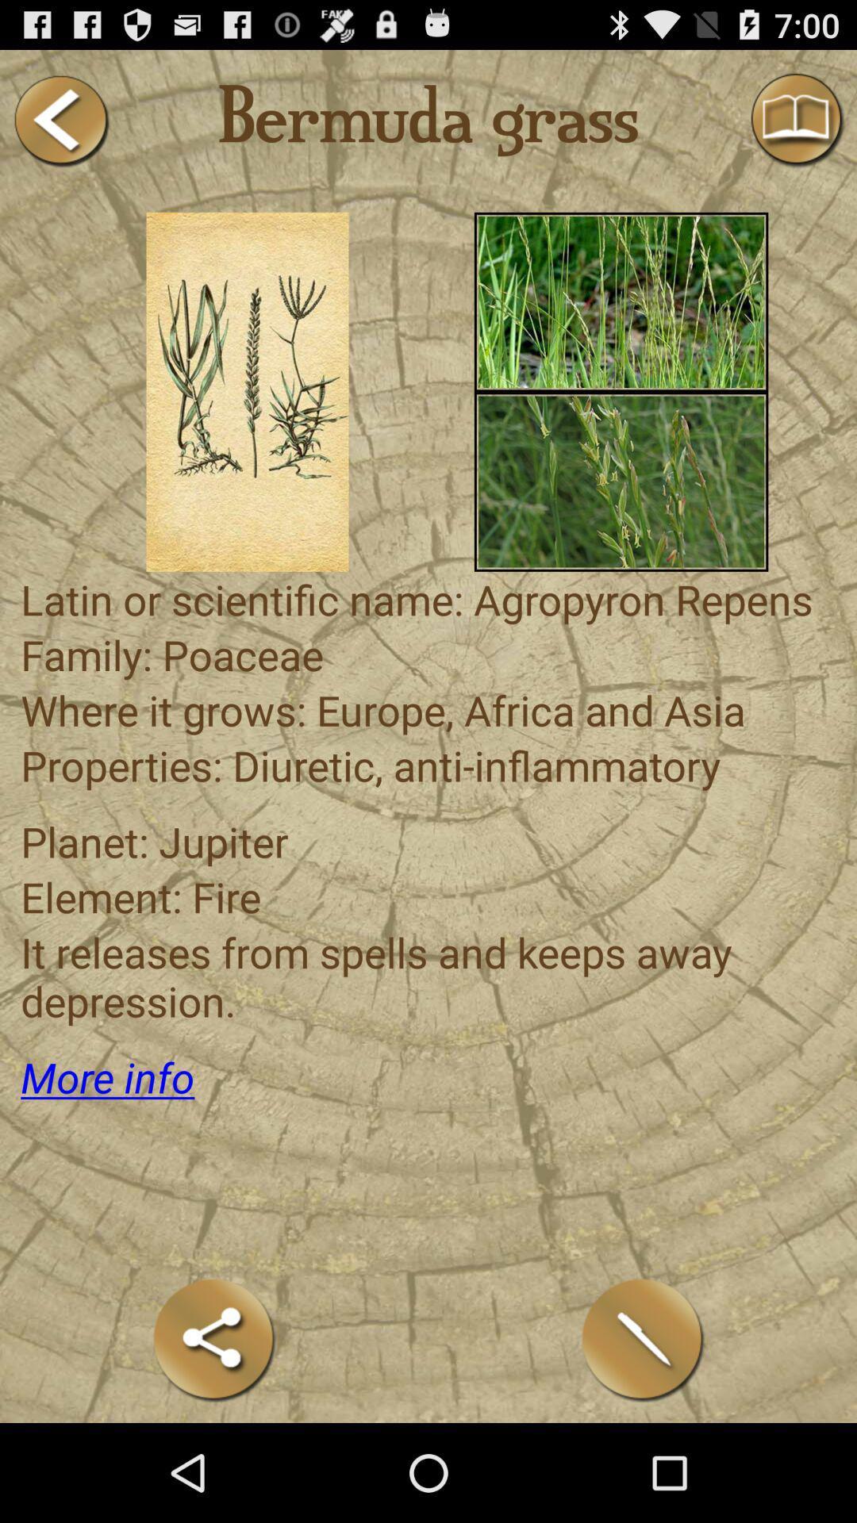  Describe the element at coordinates (214, 1339) in the screenshot. I see `share the page` at that location.